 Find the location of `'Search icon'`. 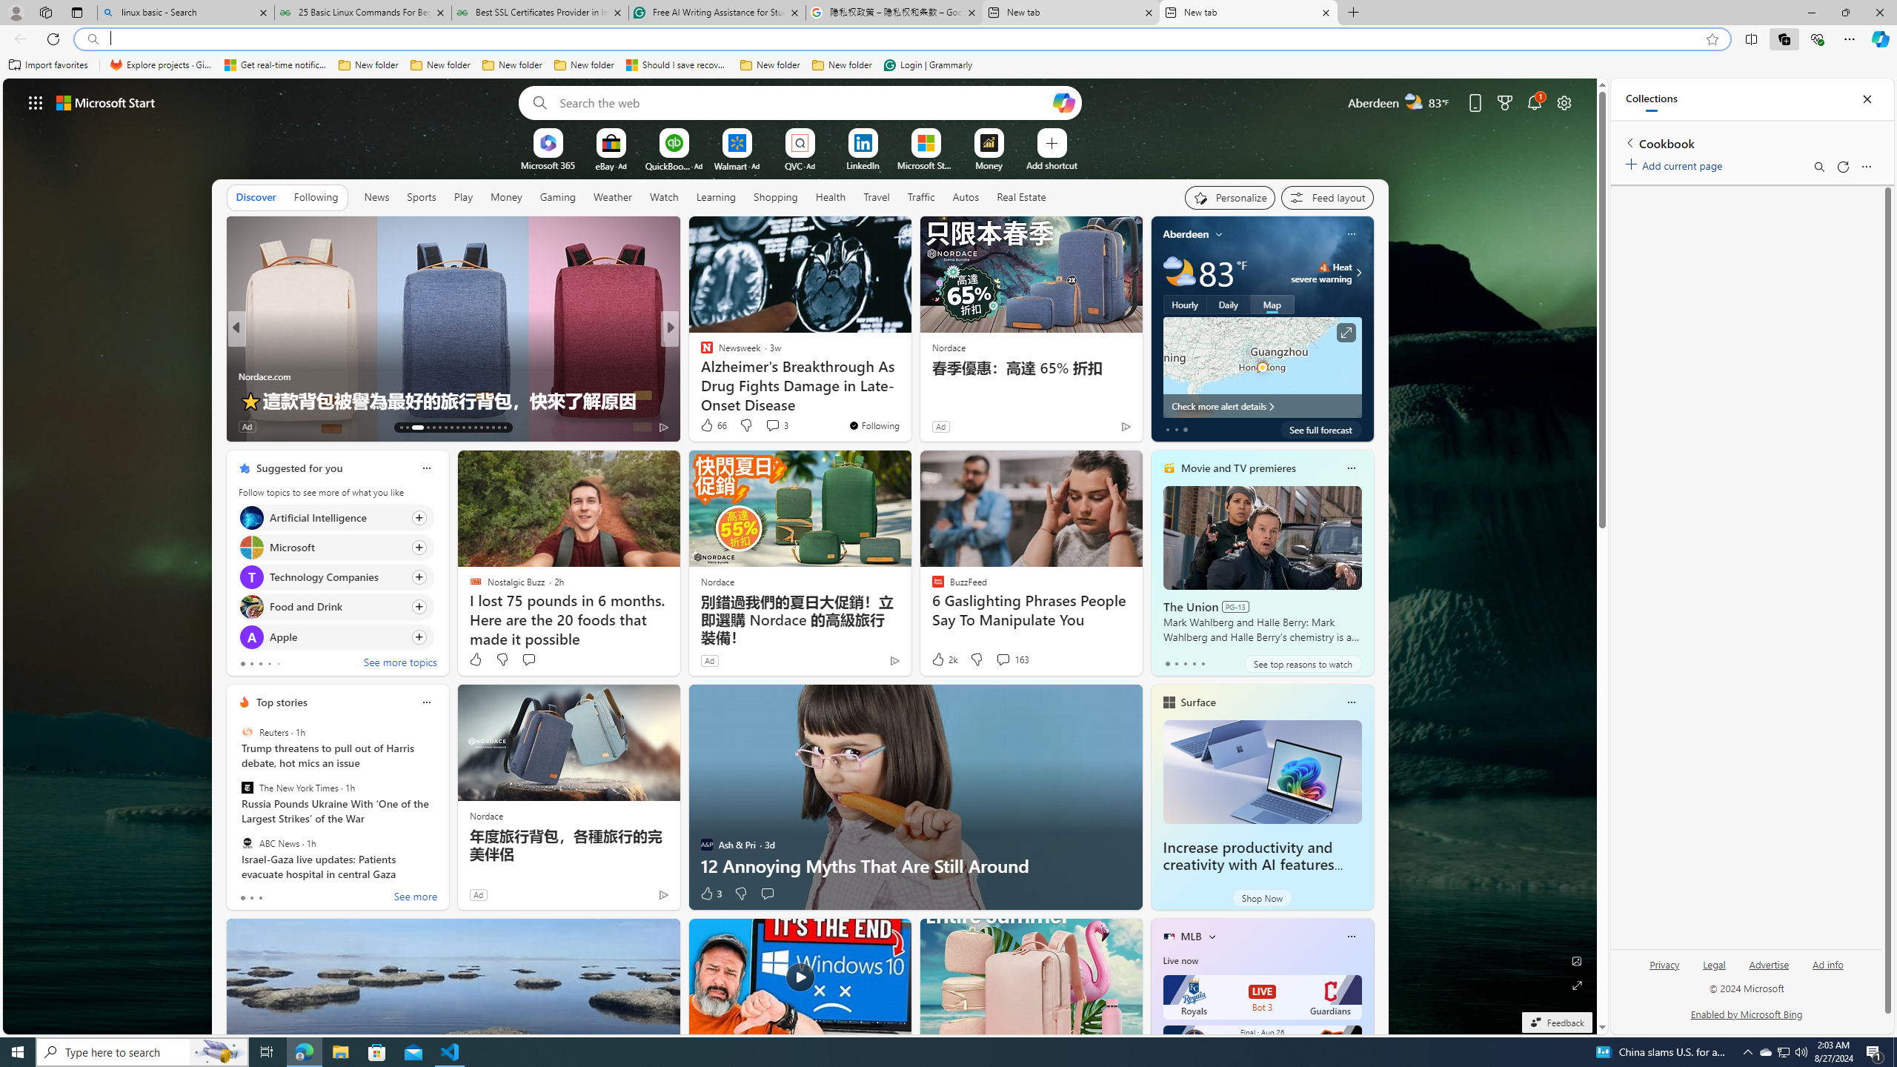

'Search icon' is located at coordinates (93, 39).